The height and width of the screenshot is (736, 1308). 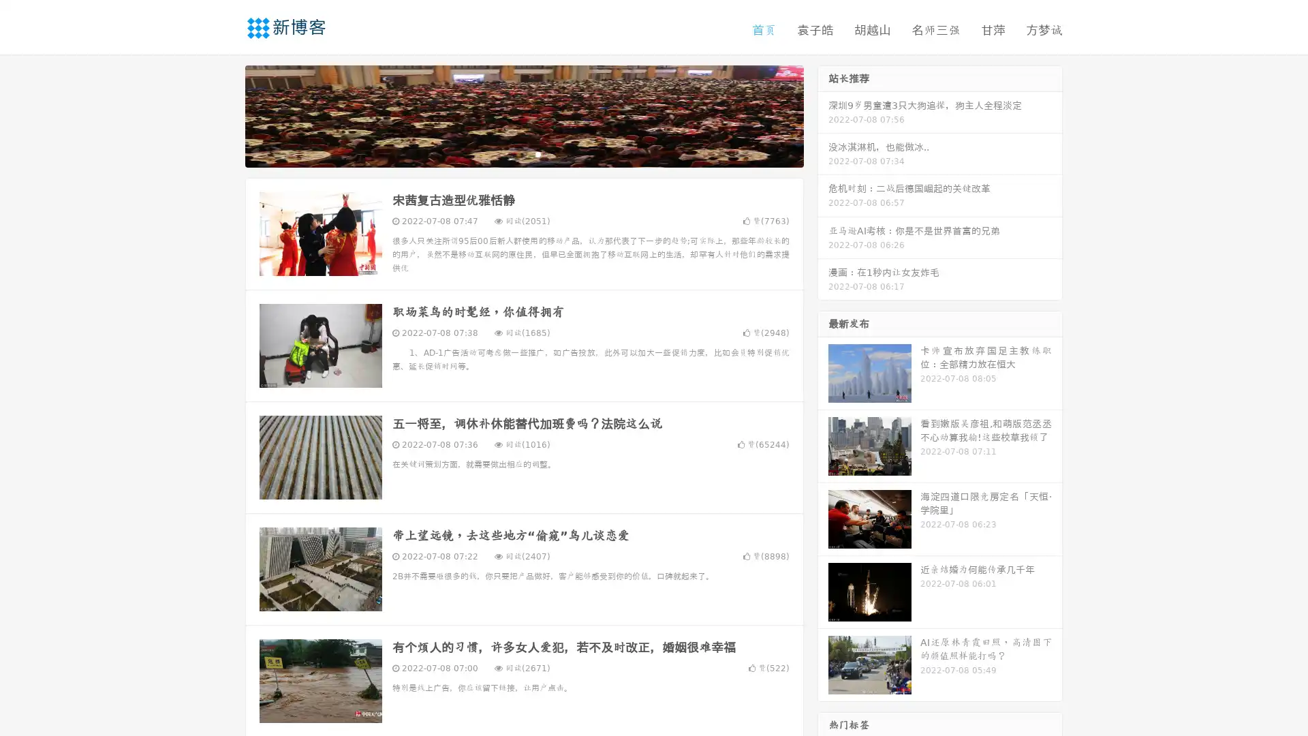 I want to click on Go to slide 3, so click(x=538, y=153).